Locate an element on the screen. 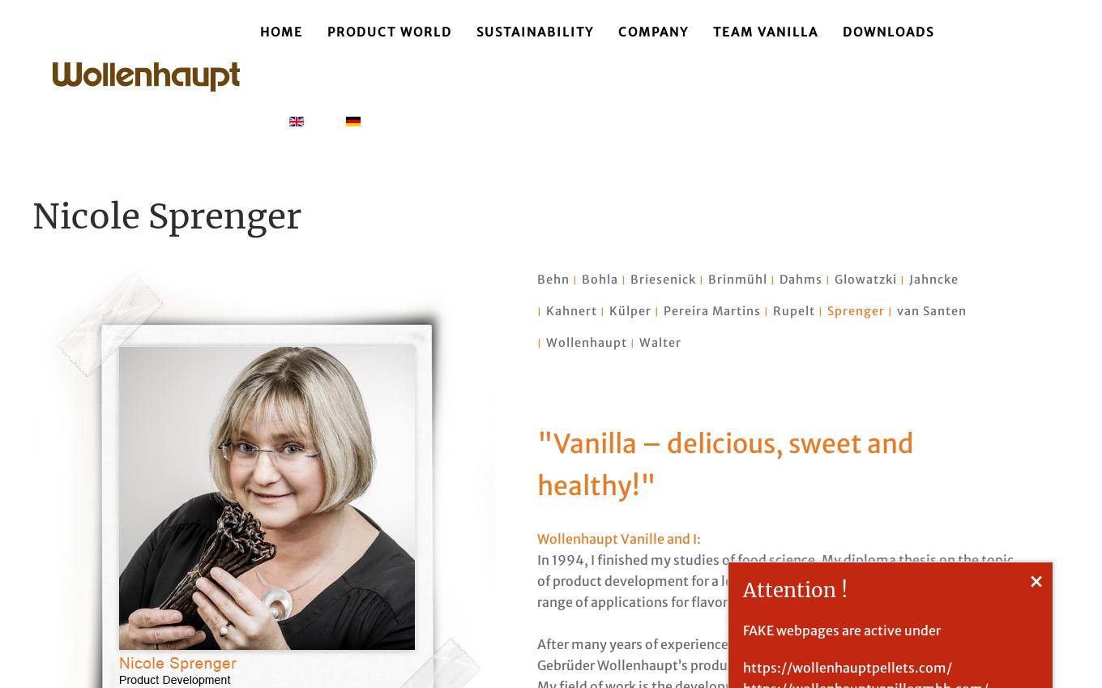 The width and height of the screenshot is (1102, 688). 'Rupelt' is located at coordinates (792, 310).